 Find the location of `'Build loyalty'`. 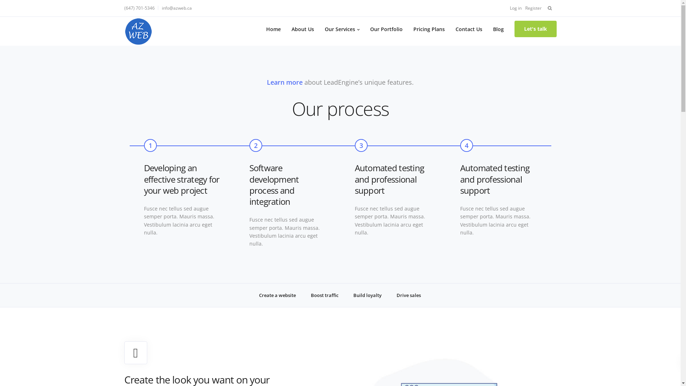

'Build loyalty' is located at coordinates (367, 295).